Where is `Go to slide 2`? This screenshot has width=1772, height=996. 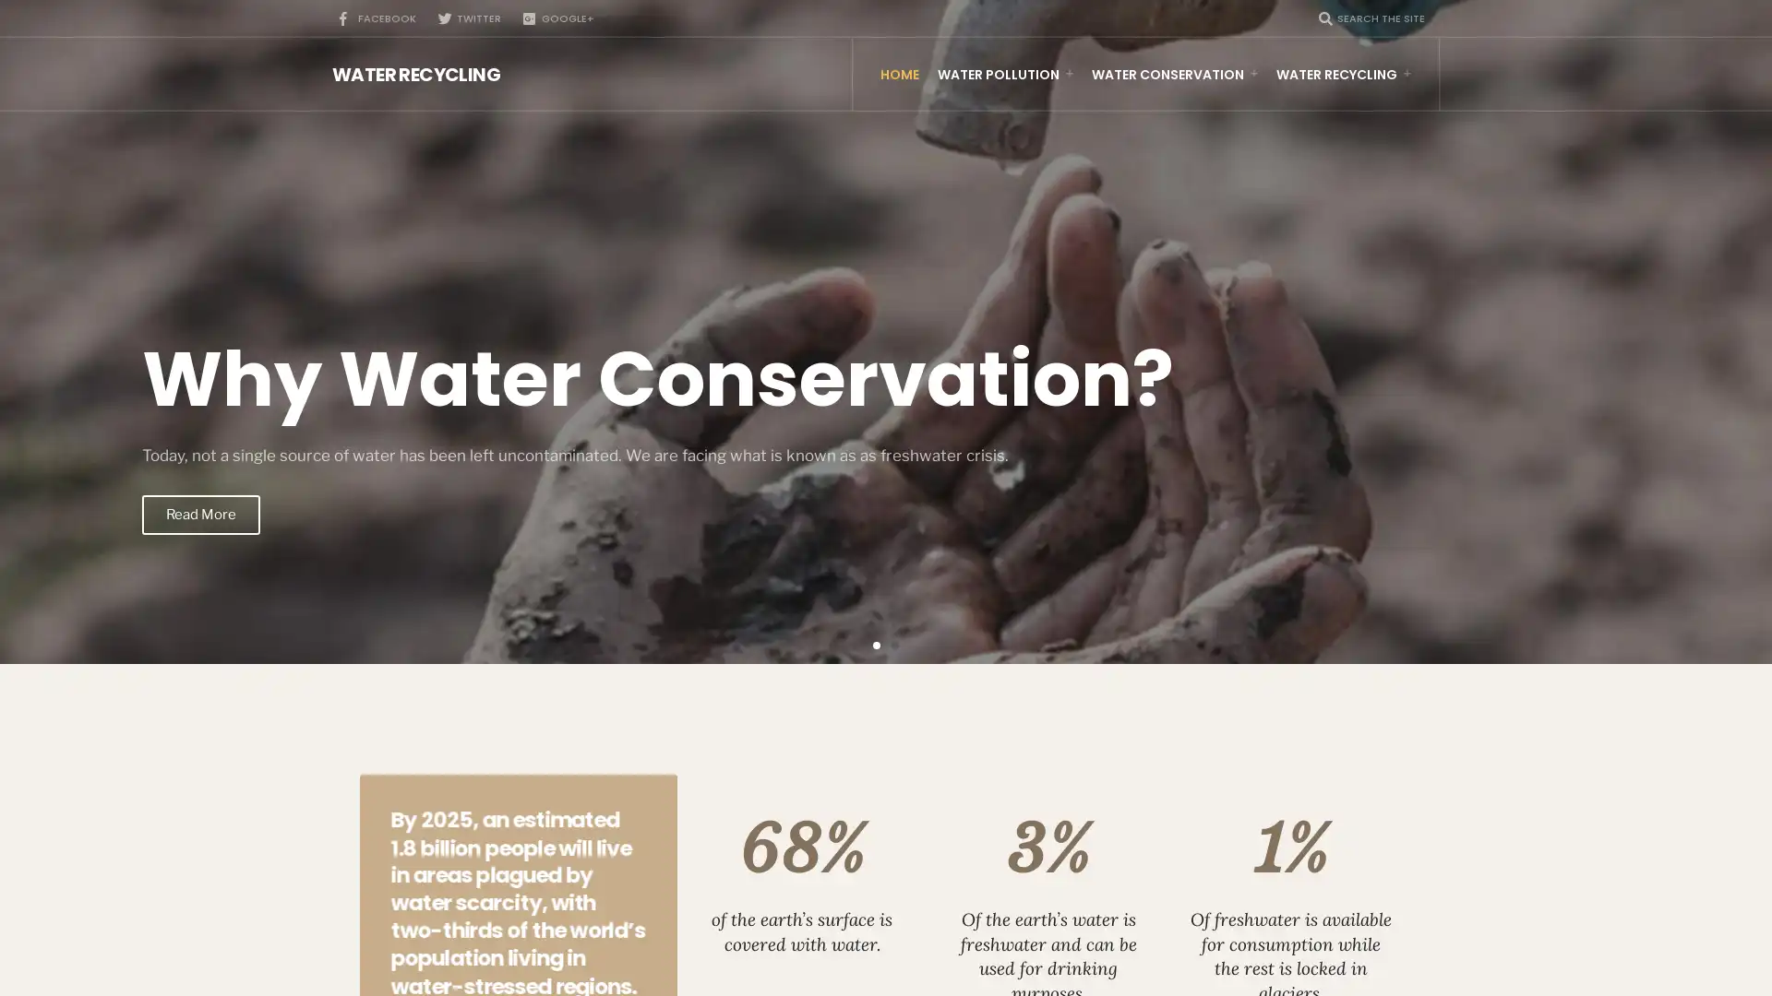
Go to slide 2 is located at coordinates (894, 644).